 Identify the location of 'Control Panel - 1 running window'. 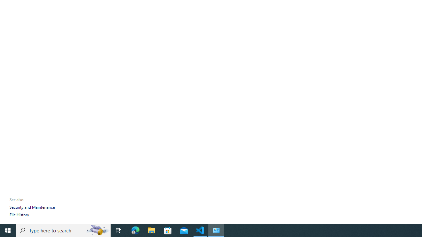
(216, 230).